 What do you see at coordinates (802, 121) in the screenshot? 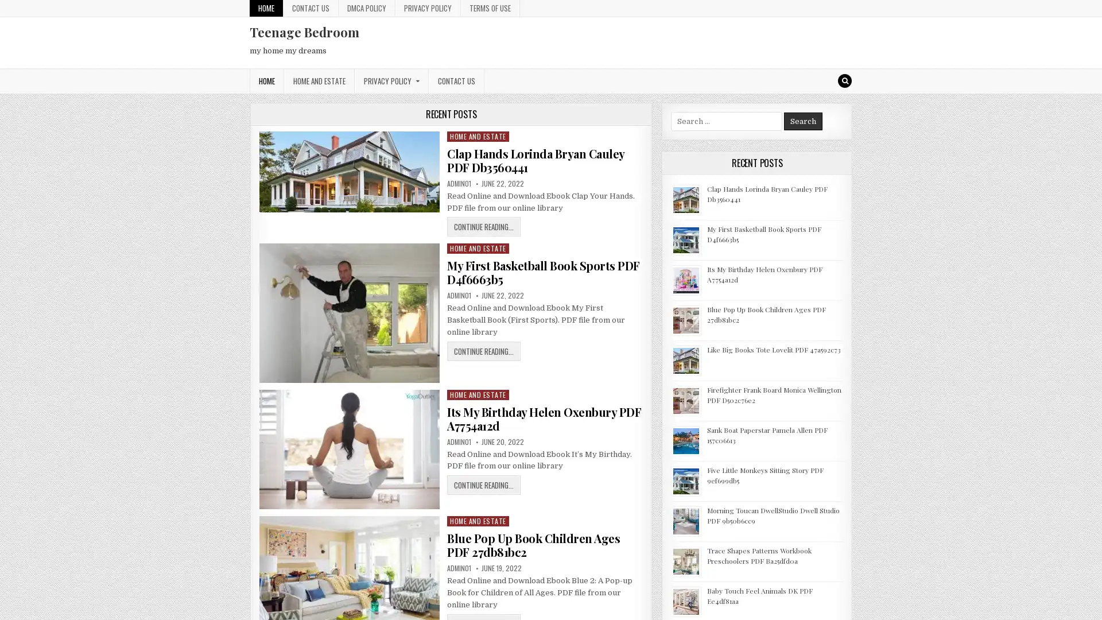
I see `Search` at bounding box center [802, 121].